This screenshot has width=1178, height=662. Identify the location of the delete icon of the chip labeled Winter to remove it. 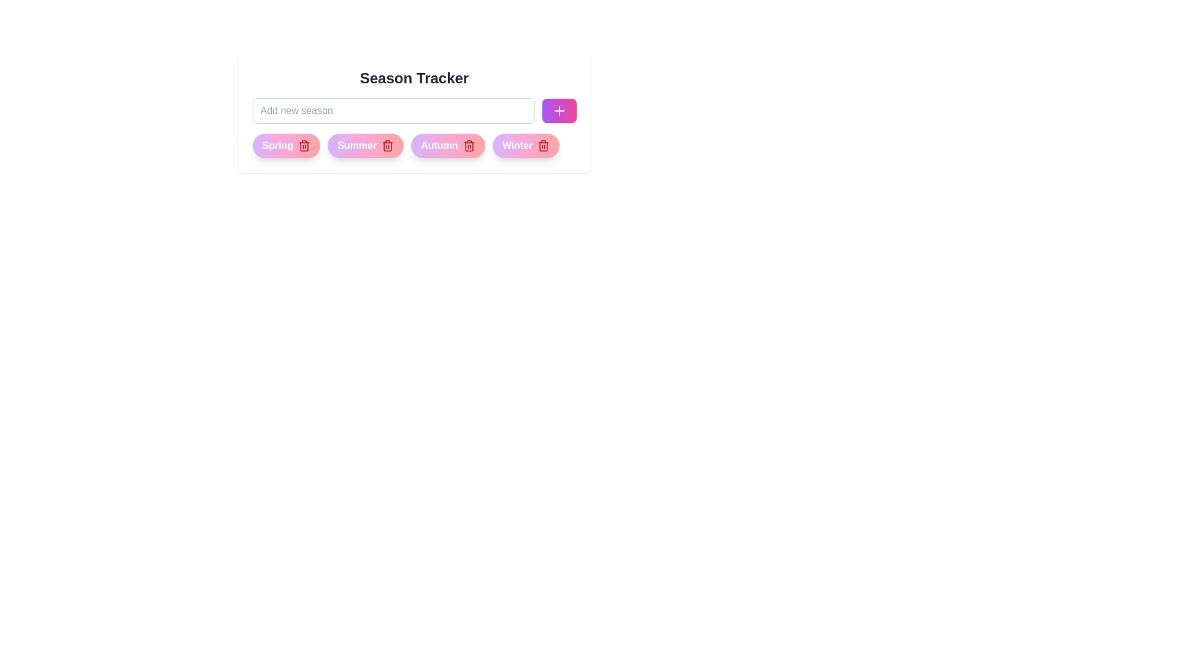
(543, 145).